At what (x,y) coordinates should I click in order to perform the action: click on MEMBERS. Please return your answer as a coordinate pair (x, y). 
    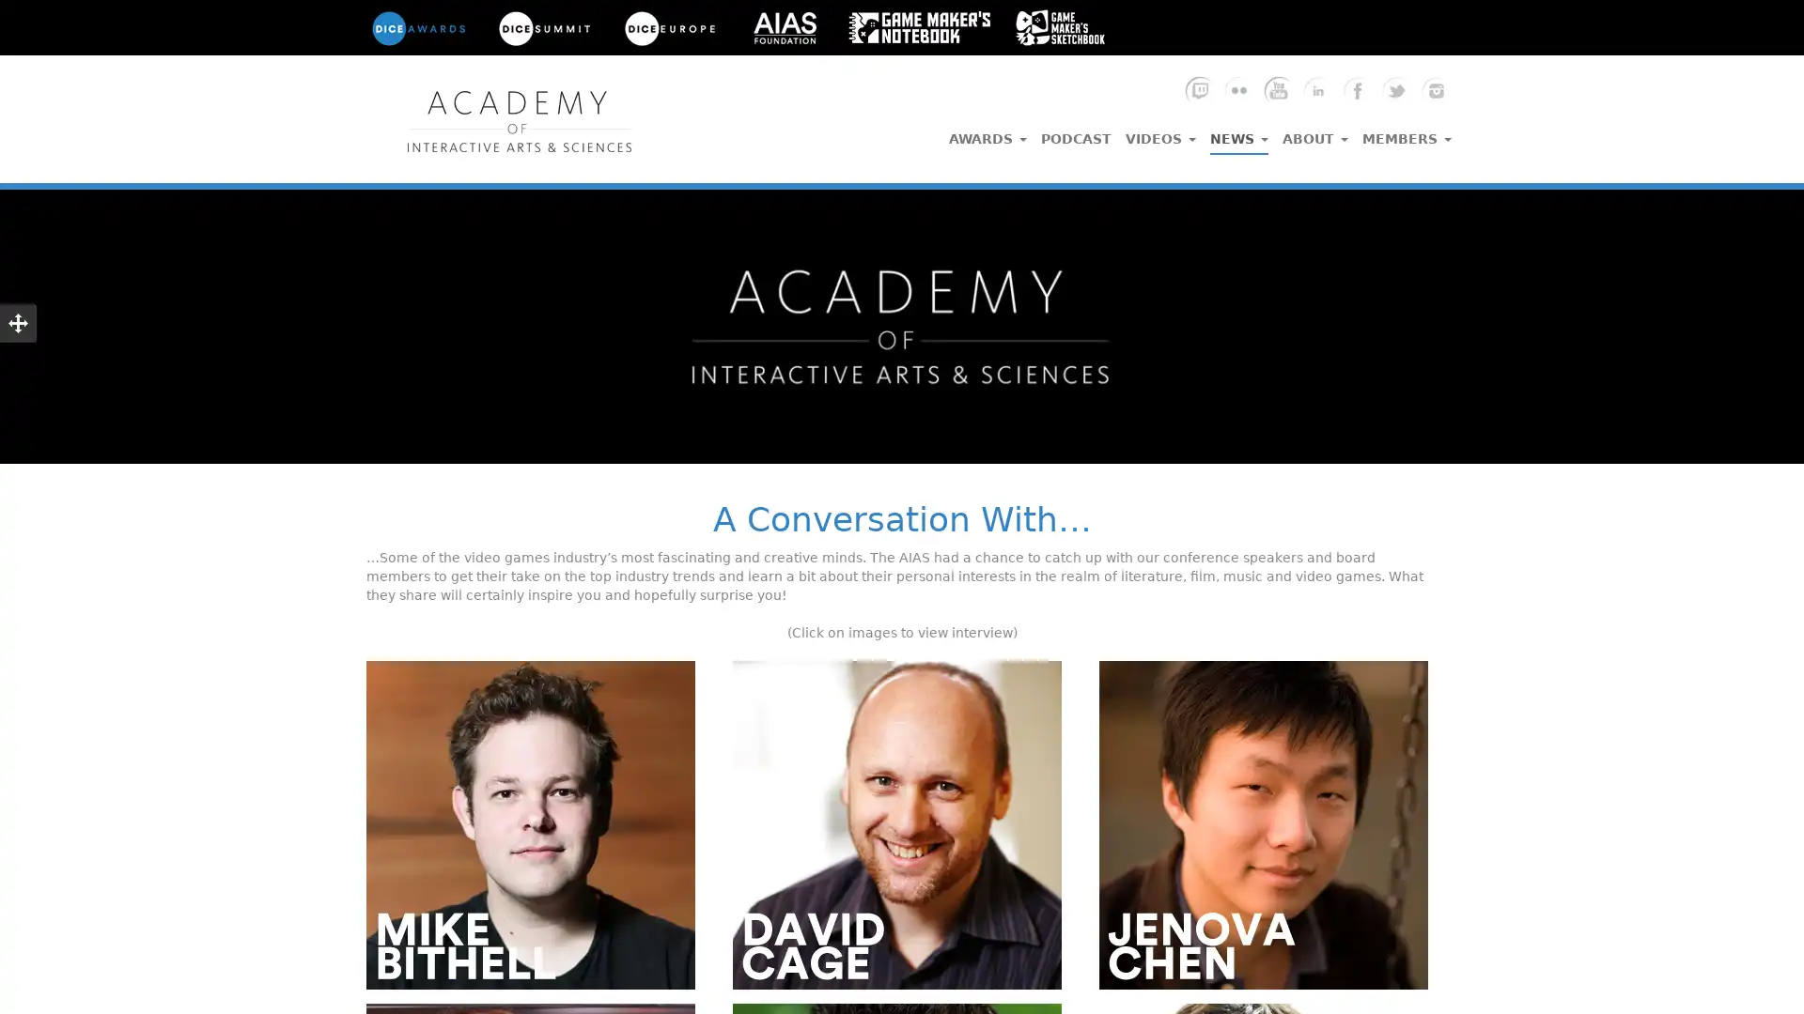
    Looking at the image, I should click on (1407, 132).